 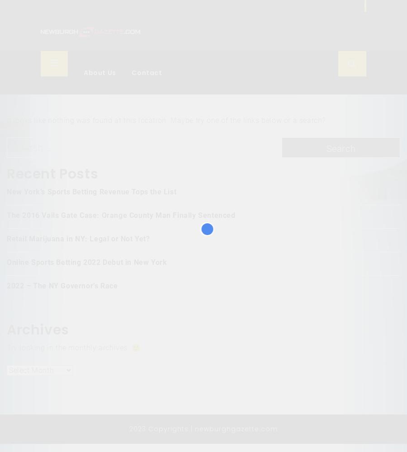 What do you see at coordinates (6, 174) in the screenshot?
I see `'Recent Posts'` at bounding box center [6, 174].